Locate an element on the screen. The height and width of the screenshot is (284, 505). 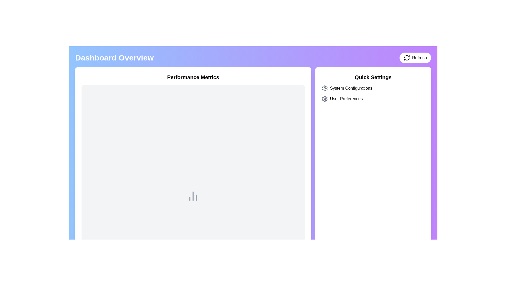
the 'User Preferences' label located under 'Quick Settings' in the vertical list is located at coordinates (346, 99).